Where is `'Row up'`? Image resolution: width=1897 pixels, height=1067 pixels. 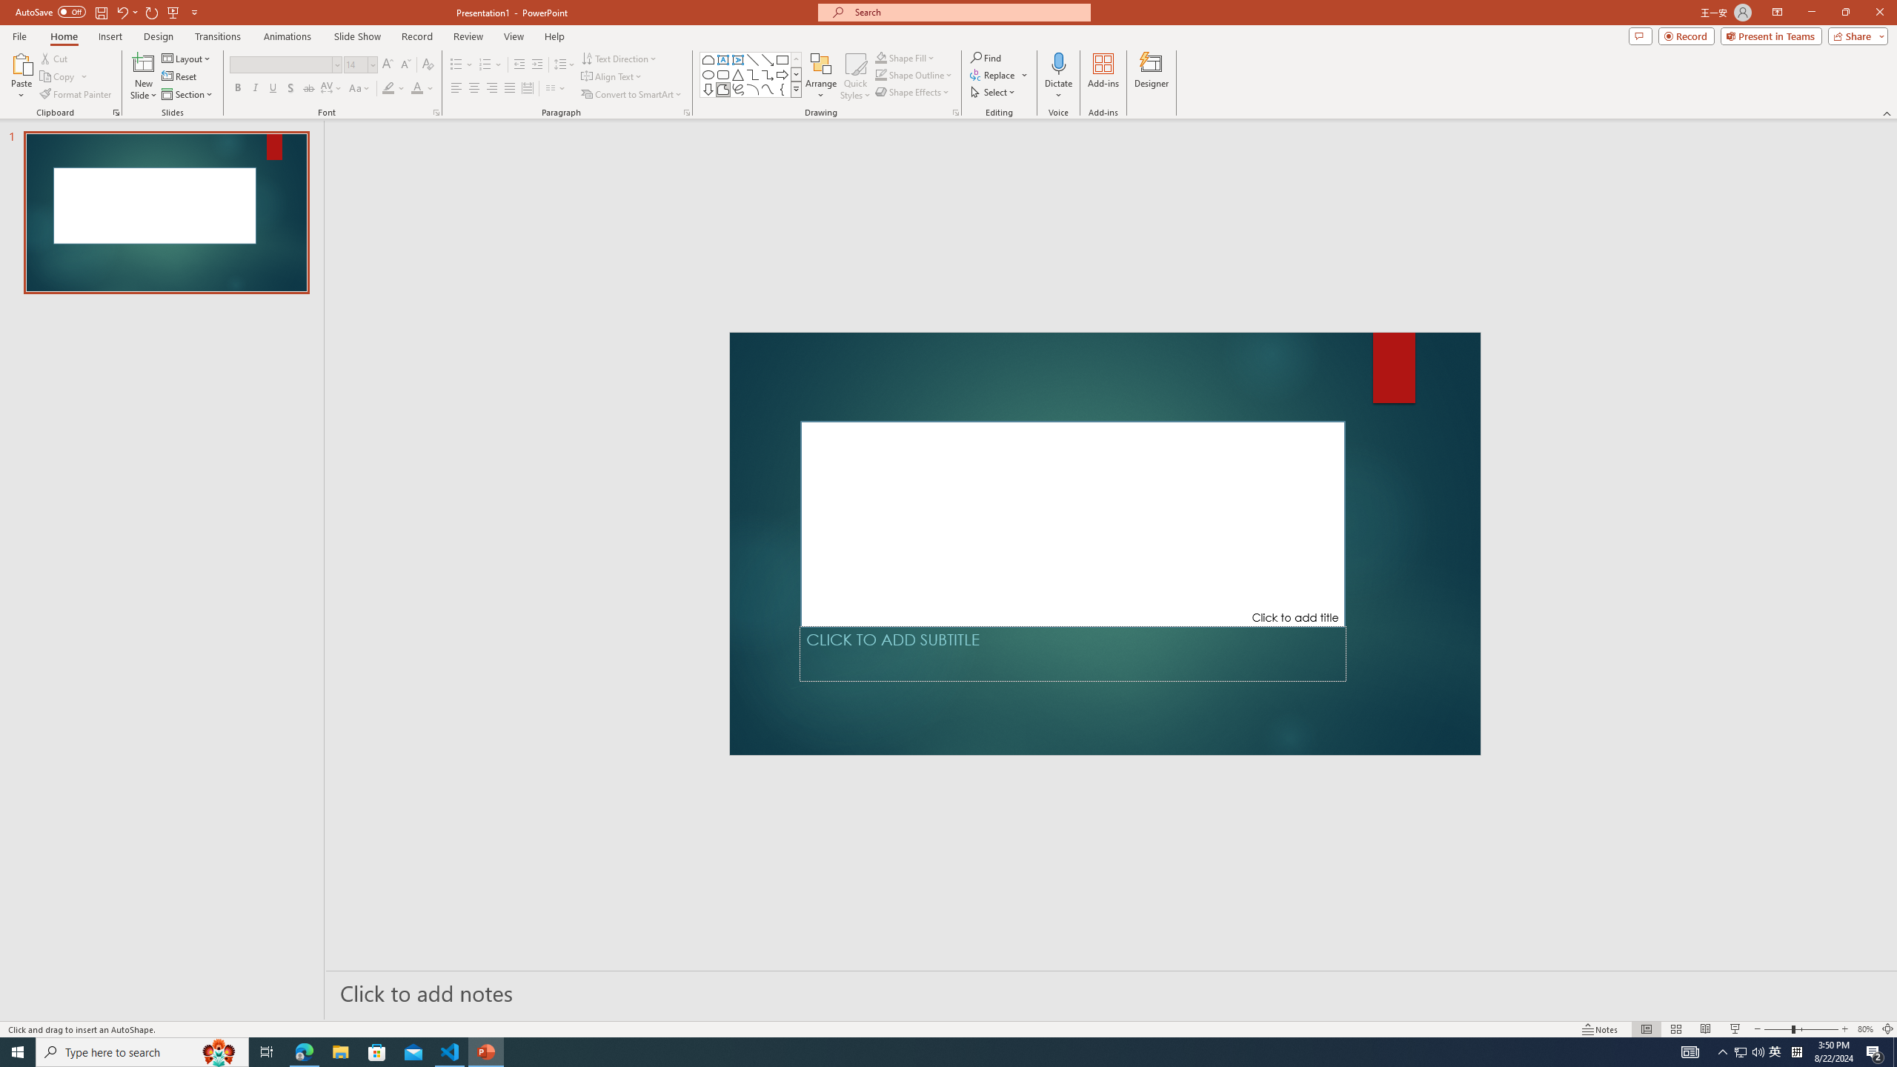 'Row up' is located at coordinates (797, 59).